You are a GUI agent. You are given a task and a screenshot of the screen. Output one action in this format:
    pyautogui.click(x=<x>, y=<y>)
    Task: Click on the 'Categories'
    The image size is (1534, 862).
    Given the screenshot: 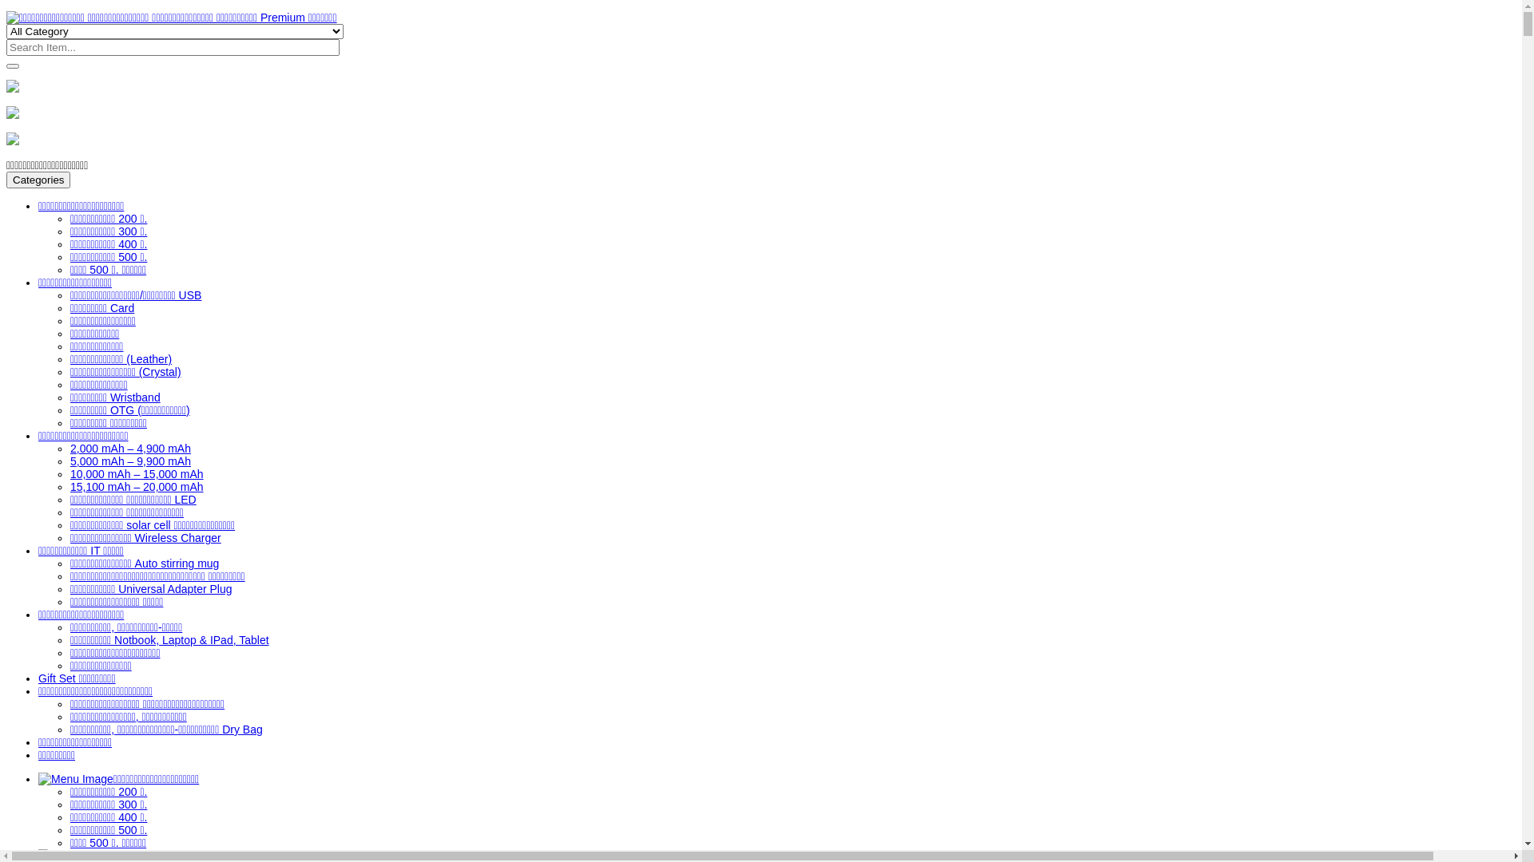 What is the action you would take?
    pyautogui.click(x=38, y=180)
    